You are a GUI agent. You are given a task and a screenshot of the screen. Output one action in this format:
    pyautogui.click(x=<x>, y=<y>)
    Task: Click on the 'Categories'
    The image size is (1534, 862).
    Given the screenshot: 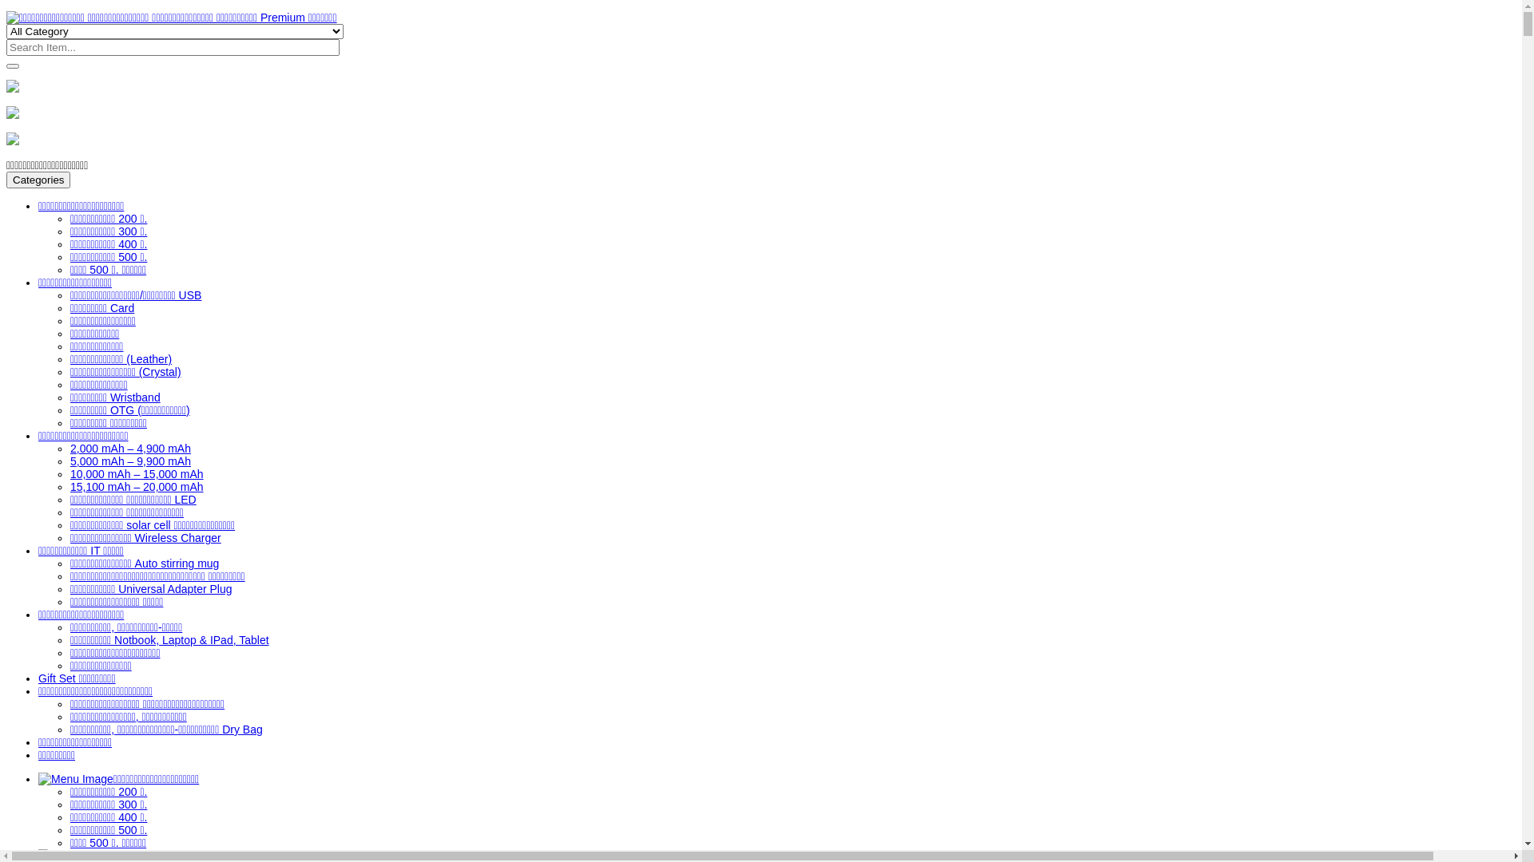 What is the action you would take?
    pyautogui.click(x=38, y=180)
    